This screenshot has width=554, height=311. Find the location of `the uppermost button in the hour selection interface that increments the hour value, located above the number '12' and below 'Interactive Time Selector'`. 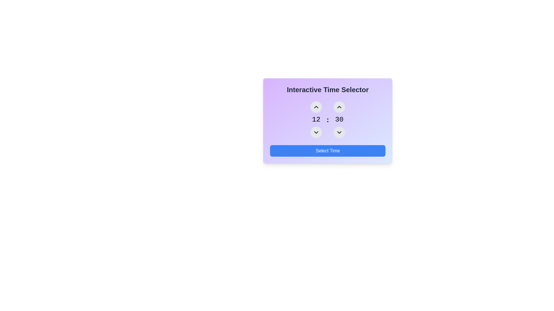

the uppermost button in the hour selection interface that increments the hour value, located above the number '12' and below 'Interactive Time Selector' is located at coordinates (316, 107).